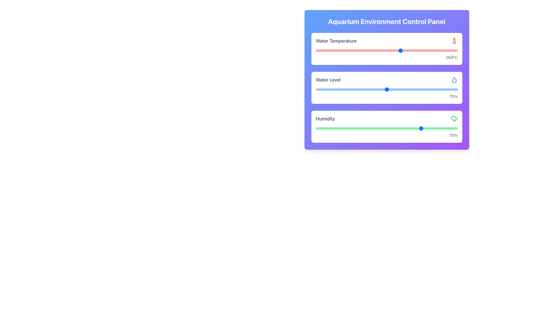 The width and height of the screenshot is (549, 309). I want to click on humidity, so click(401, 128).